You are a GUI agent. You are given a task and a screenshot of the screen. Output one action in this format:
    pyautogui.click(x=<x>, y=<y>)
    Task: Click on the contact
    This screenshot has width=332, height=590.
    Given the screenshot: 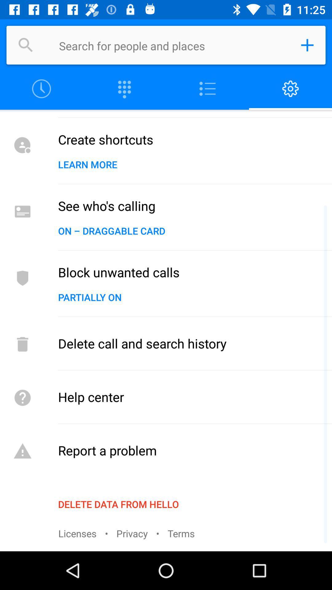 What is the action you would take?
    pyautogui.click(x=307, y=45)
    